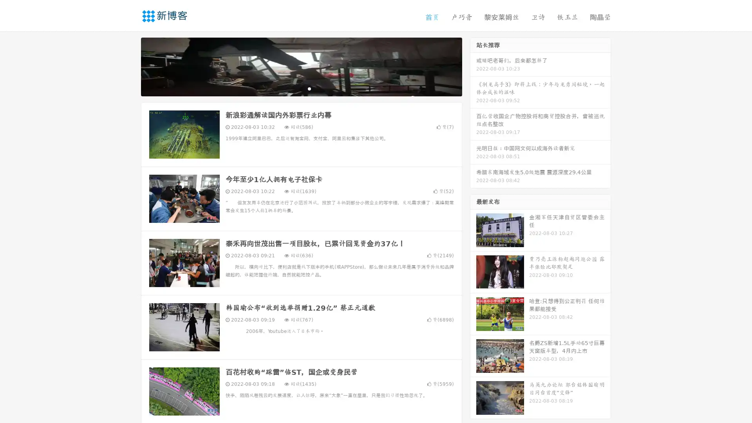 The image size is (752, 423). Describe the element at coordinates (473, 66) in the screenshot. I see `Next slide` at that location.